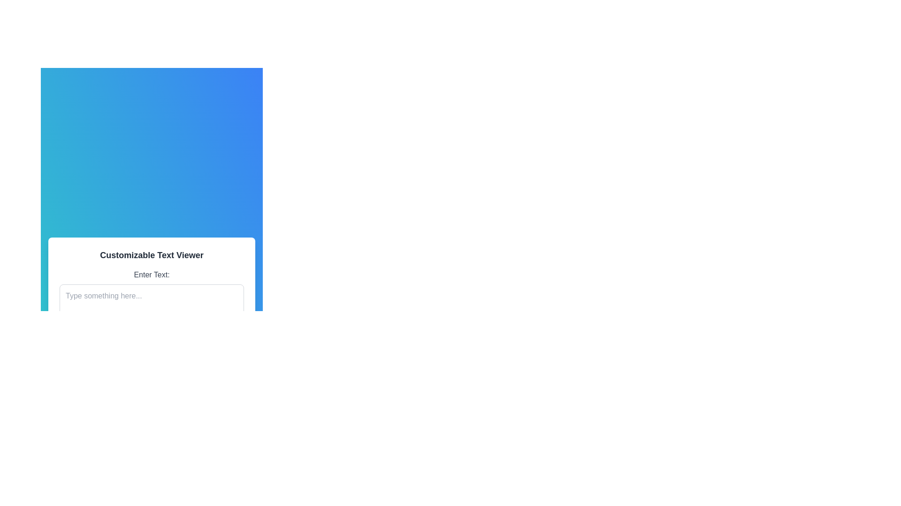 The image size is (901, 506). Describe the element at coordinates (152, 274) in the screenshot. I see `Text Label that says 'Enter Text:' located in the 'Customizable Text Viewer' section, positioned above the text input field` at that location.